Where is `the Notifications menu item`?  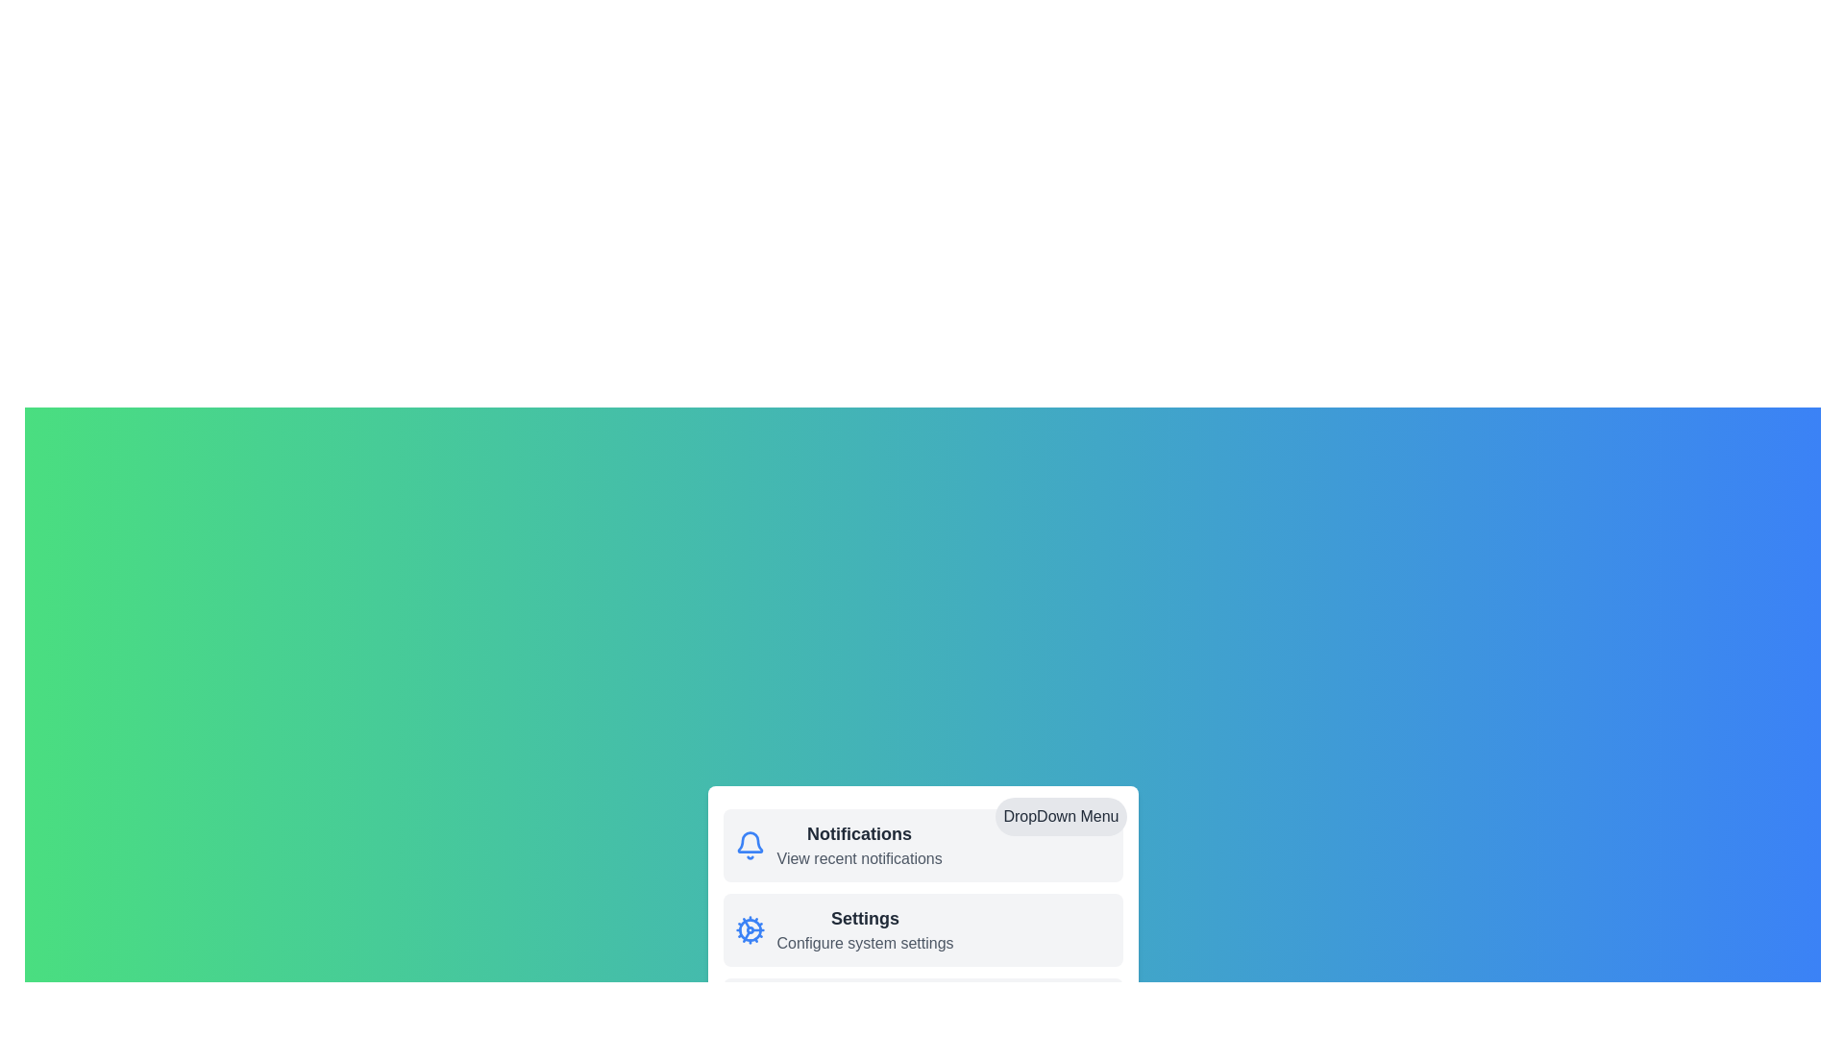
the Notifications menu item is located at coordinates (858, 832).